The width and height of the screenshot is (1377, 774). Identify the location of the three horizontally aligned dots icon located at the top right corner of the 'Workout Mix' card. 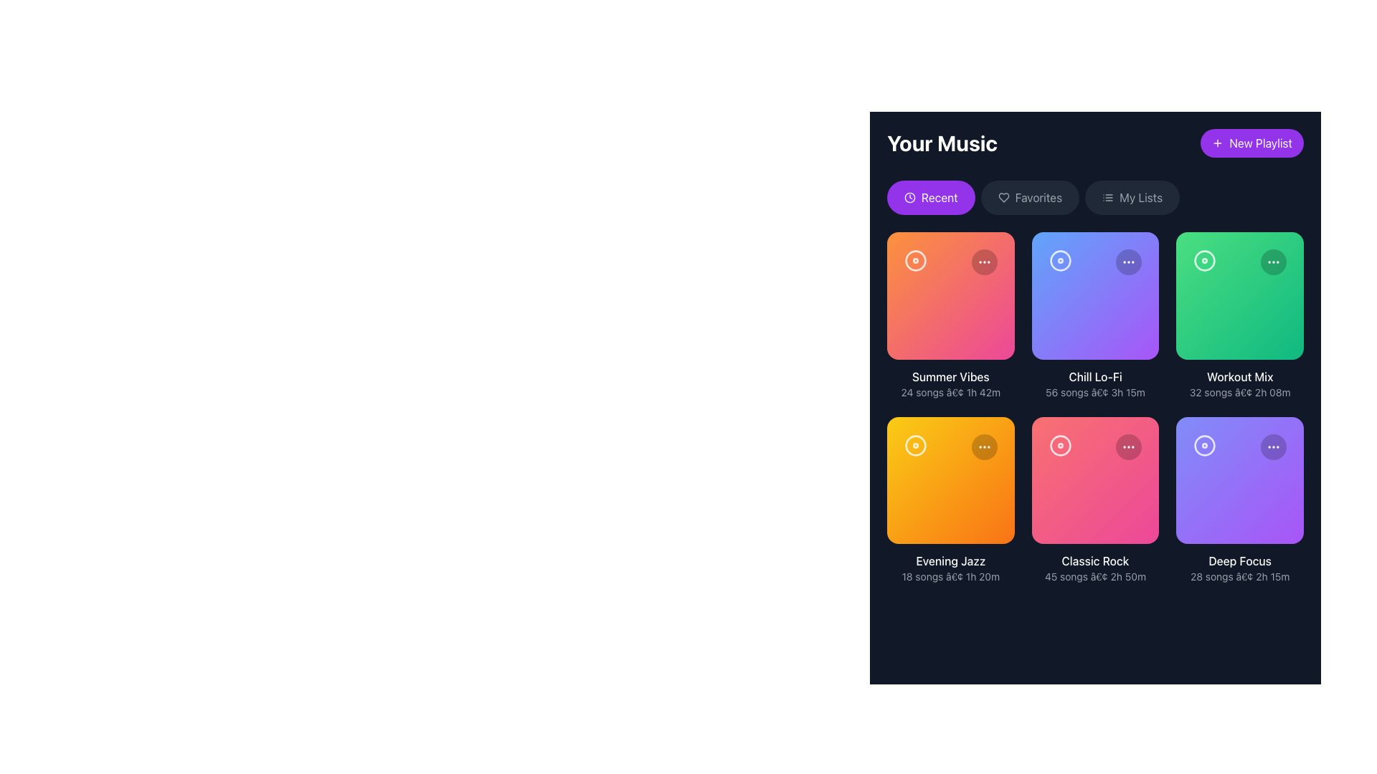
(1274, 262).